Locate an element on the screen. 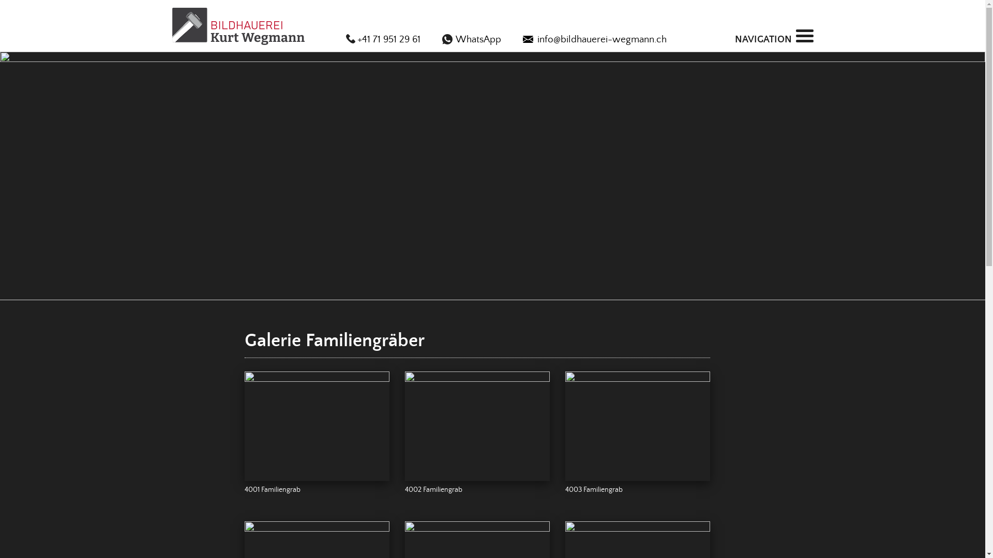 The width and height of the screenshot is (993, 558). 'info@bildhauerei-wegmann.ch' is located at coordinates (594, 39).